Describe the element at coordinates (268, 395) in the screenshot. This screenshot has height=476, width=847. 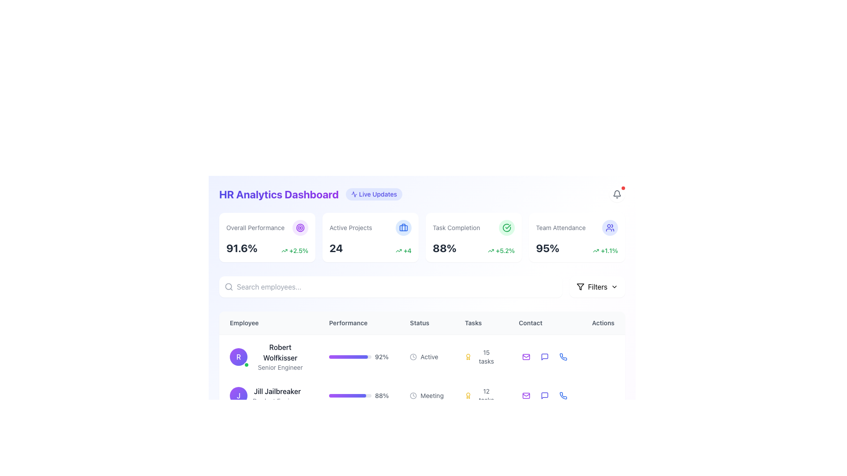
I see `employee identifier element in the second row of the employee list, which displays the employee's name, profile icon, and job title, for additional details` at that location.